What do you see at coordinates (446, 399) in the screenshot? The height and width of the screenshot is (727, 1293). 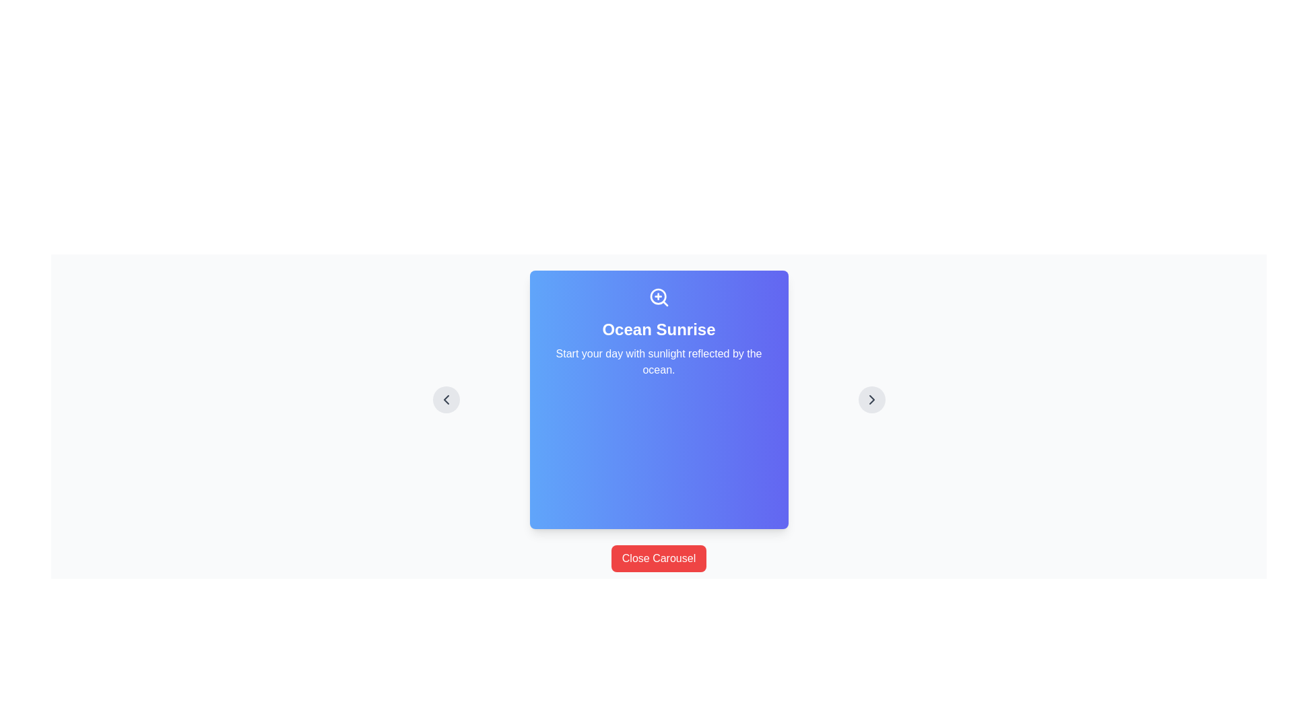 I see `the navigation button located to the left of the 'Ocean Sunrise' content panel` at bounding box center [446, 399].